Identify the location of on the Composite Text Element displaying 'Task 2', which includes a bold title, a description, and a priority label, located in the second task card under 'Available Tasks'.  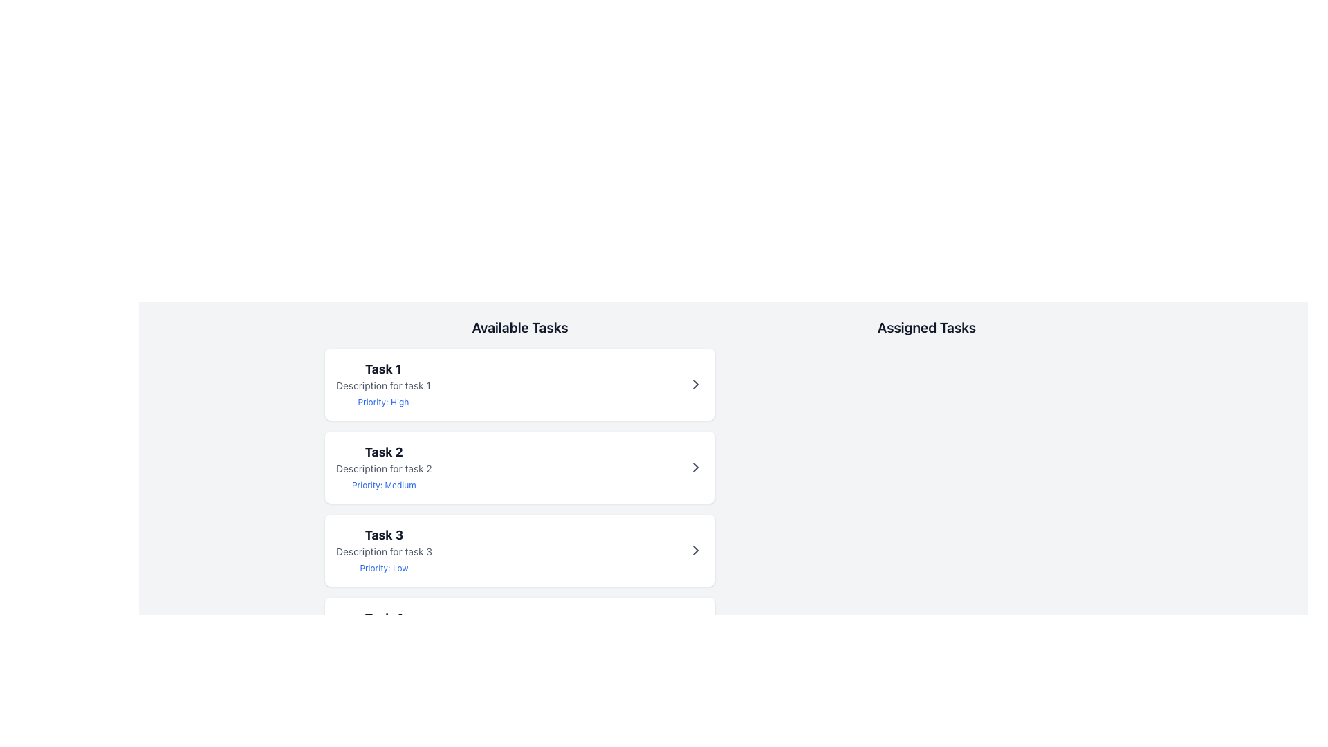
(384, 467).